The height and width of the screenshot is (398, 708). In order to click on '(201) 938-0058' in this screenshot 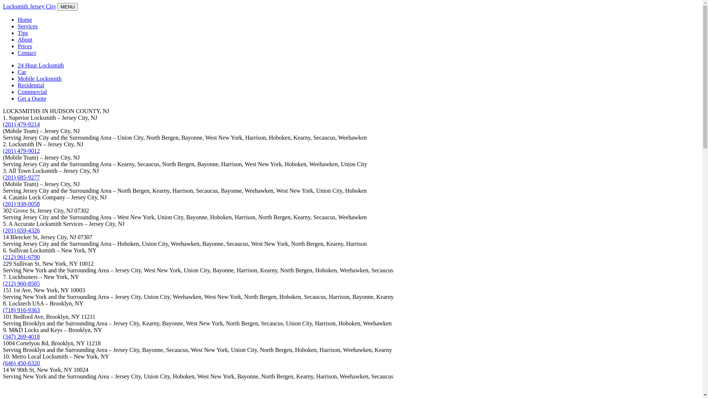, I will do `click(21, 204)`.